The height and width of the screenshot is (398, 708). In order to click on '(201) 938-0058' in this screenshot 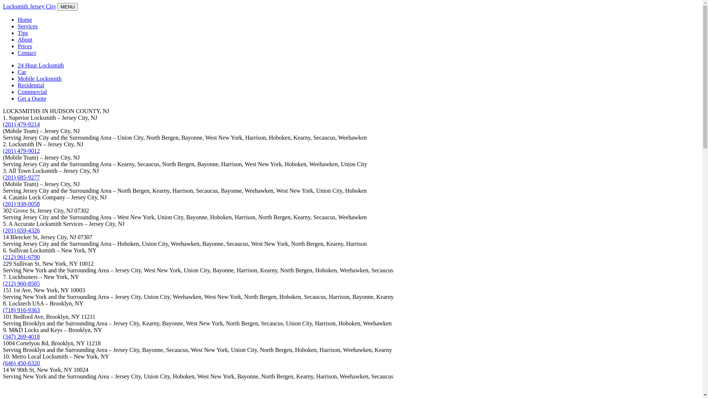, I will do `click(21, 204)`.